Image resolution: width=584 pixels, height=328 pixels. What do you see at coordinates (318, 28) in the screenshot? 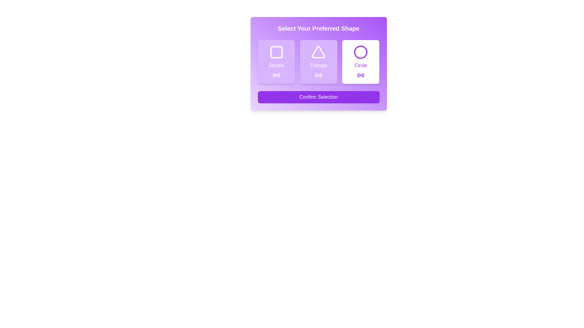
I see `the Text Label serving as a title above the grid layout for shape options, guiding the user in their selection` at bounding box center [318, 28].